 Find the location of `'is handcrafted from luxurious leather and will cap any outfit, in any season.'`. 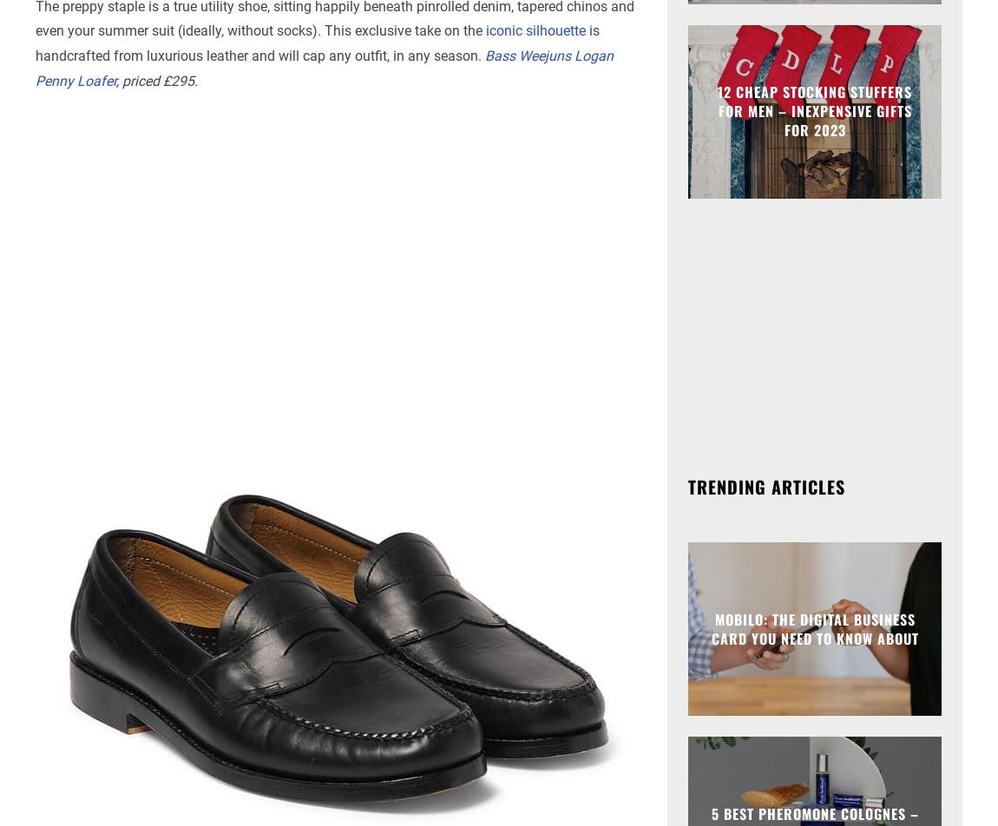

'is handcrafted from luxurious leather and will cap any outfit, in any season.' is located at coordinates (318, 43).